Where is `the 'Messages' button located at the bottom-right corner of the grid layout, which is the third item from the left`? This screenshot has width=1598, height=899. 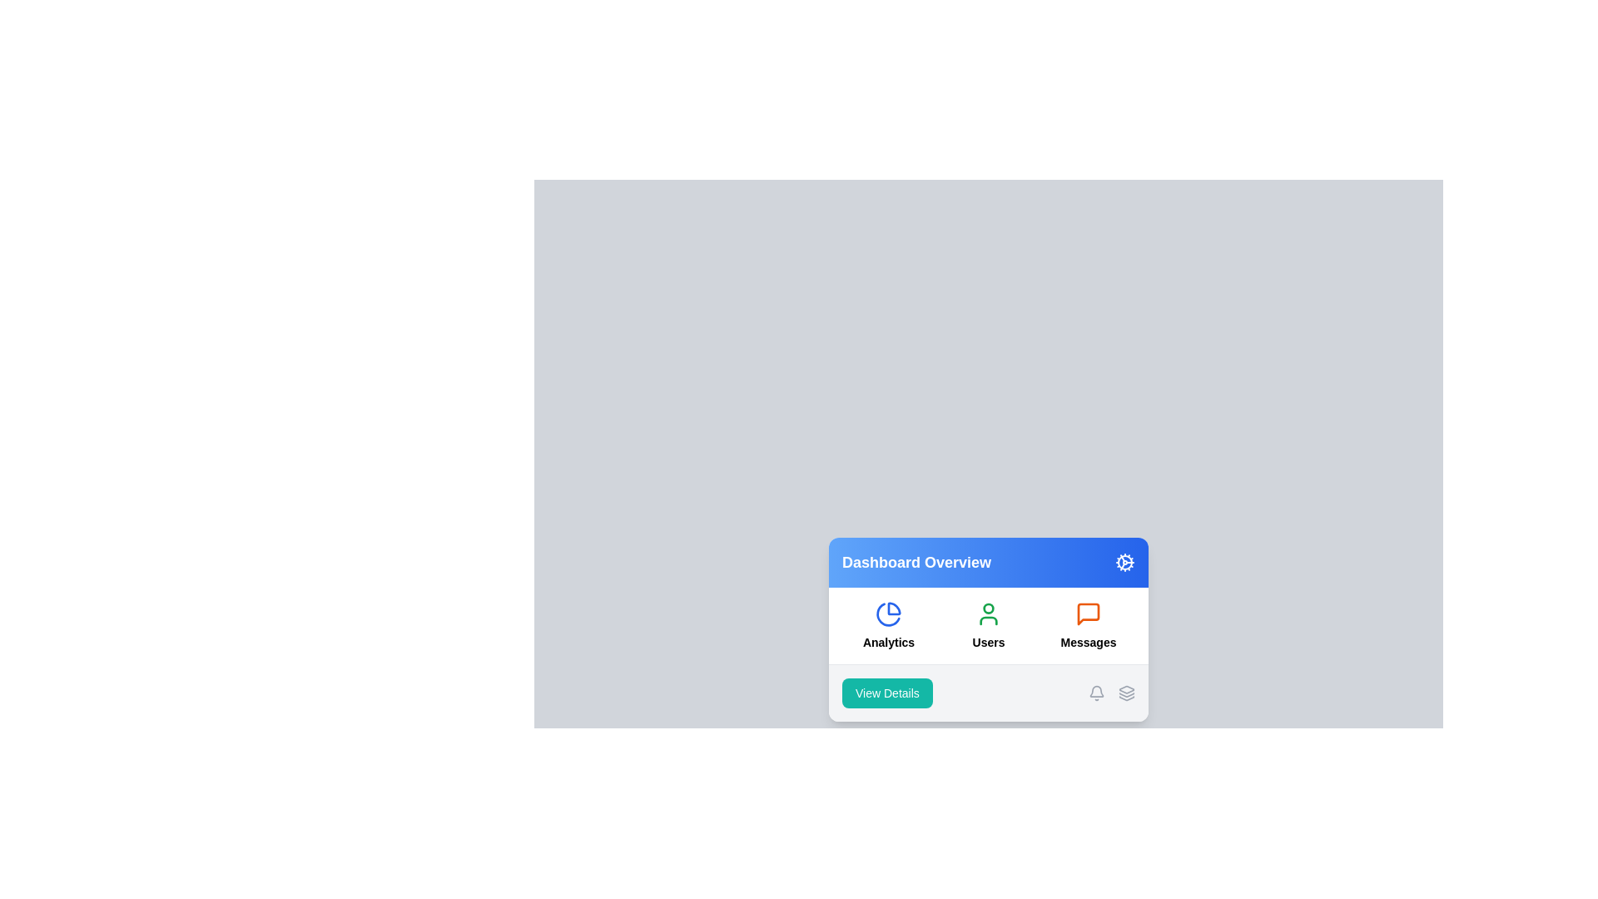 the 'Messages' button located at the bottom-right corner of the grid layout, which is the third item from the left is located at coordinates (1089, 625).